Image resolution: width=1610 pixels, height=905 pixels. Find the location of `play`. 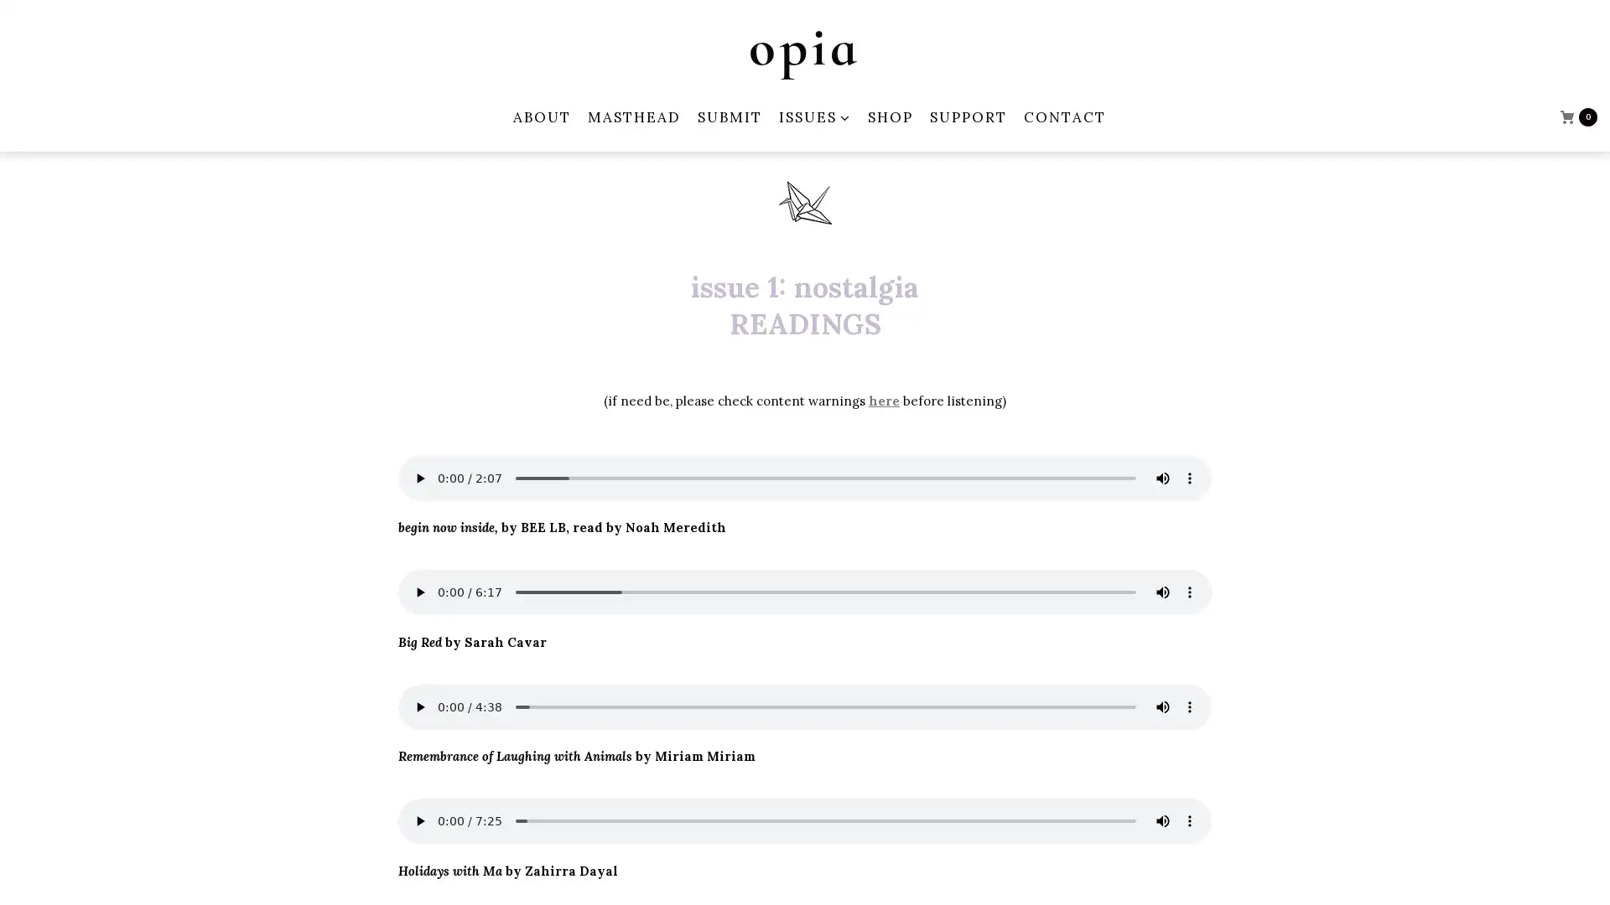

play is located at coordinates (419, 820).